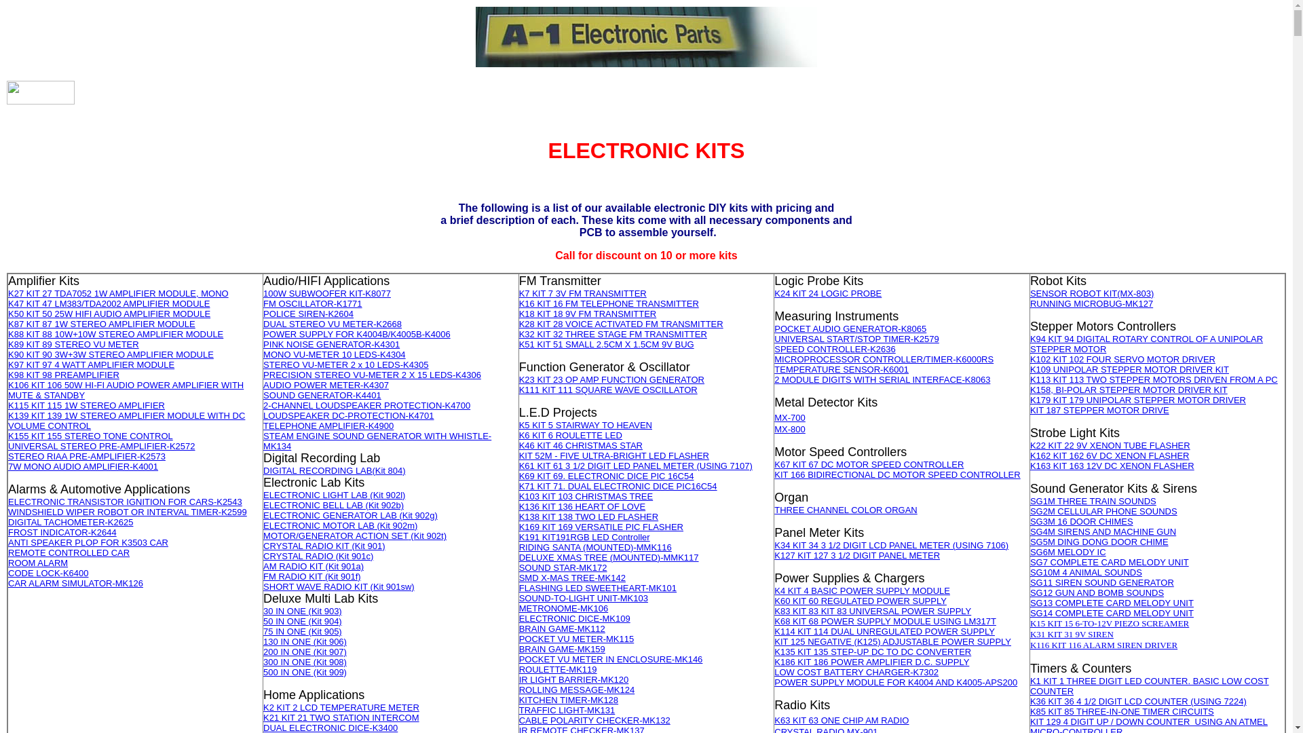  What do you see at coordinates (1030, 293) in the screenshot?
I see `'SENSOR ROBOT KIT(MX-803)'` at bounding box center [1030, 293].